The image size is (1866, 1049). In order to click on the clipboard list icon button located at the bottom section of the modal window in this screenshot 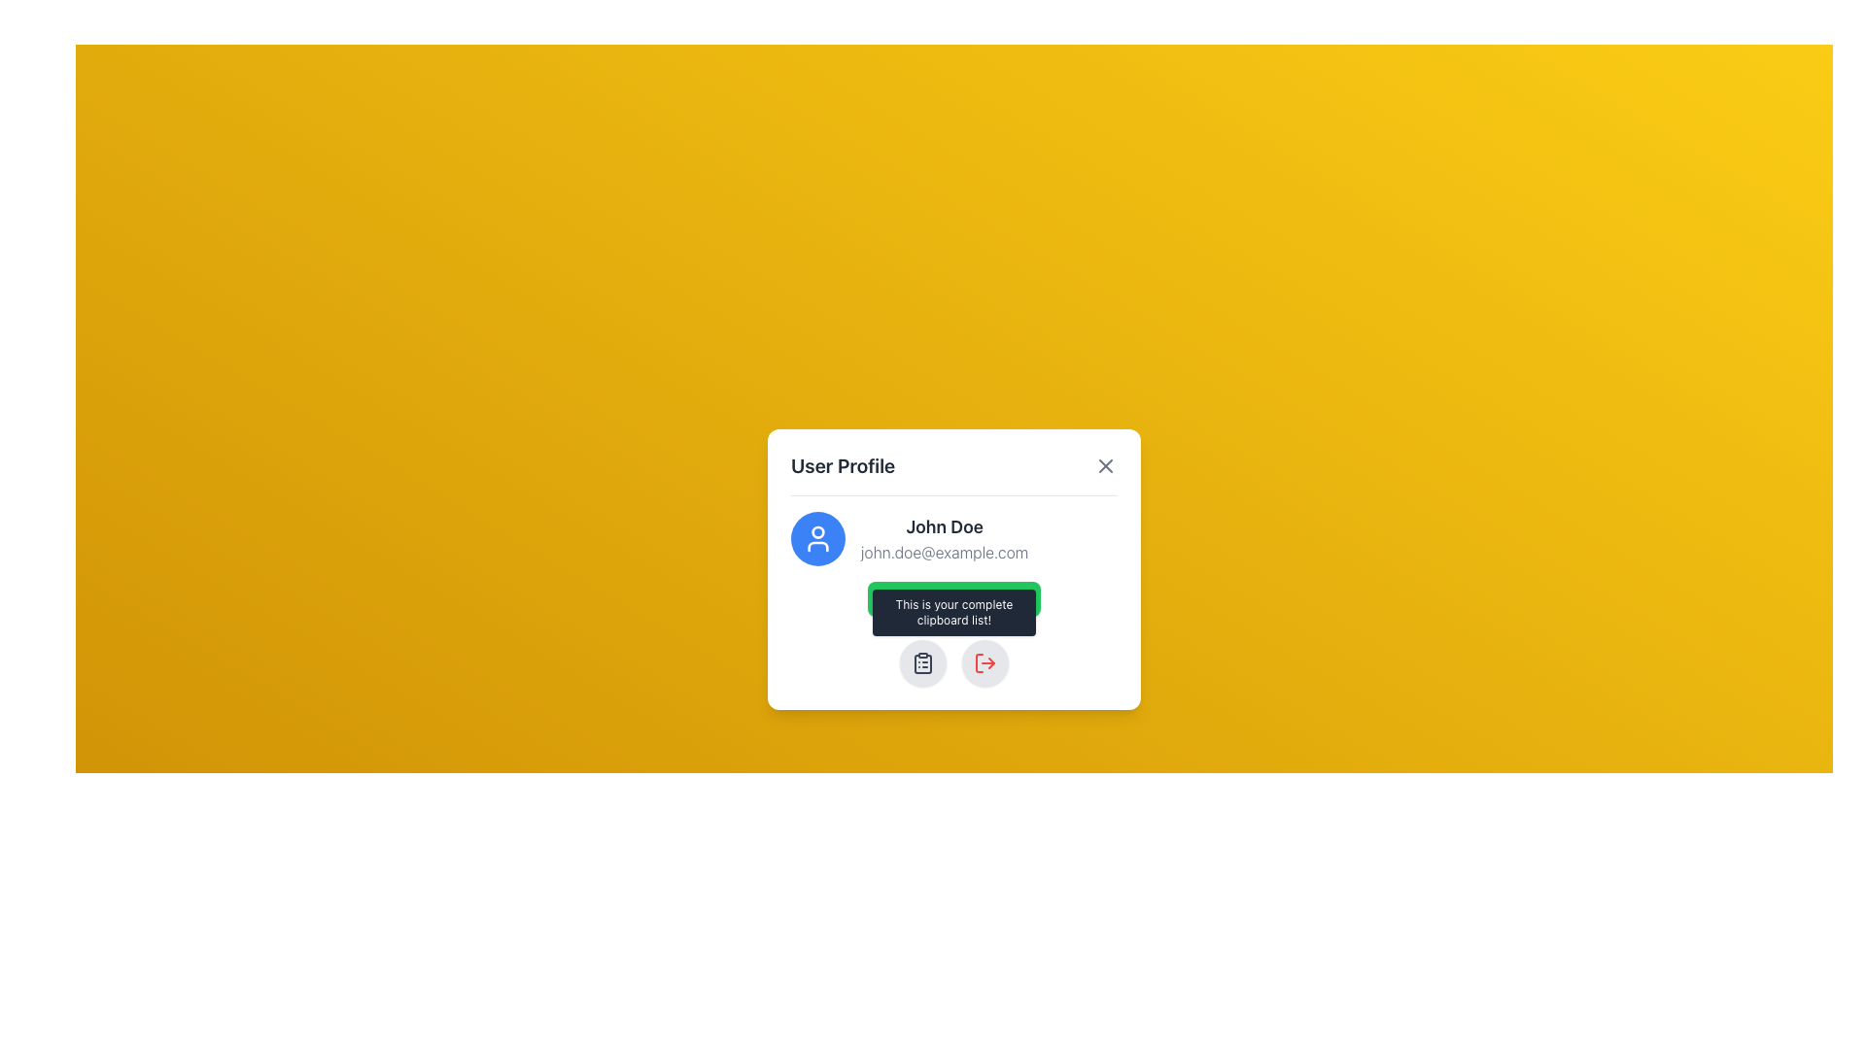, I will do `click(922, 661)`.